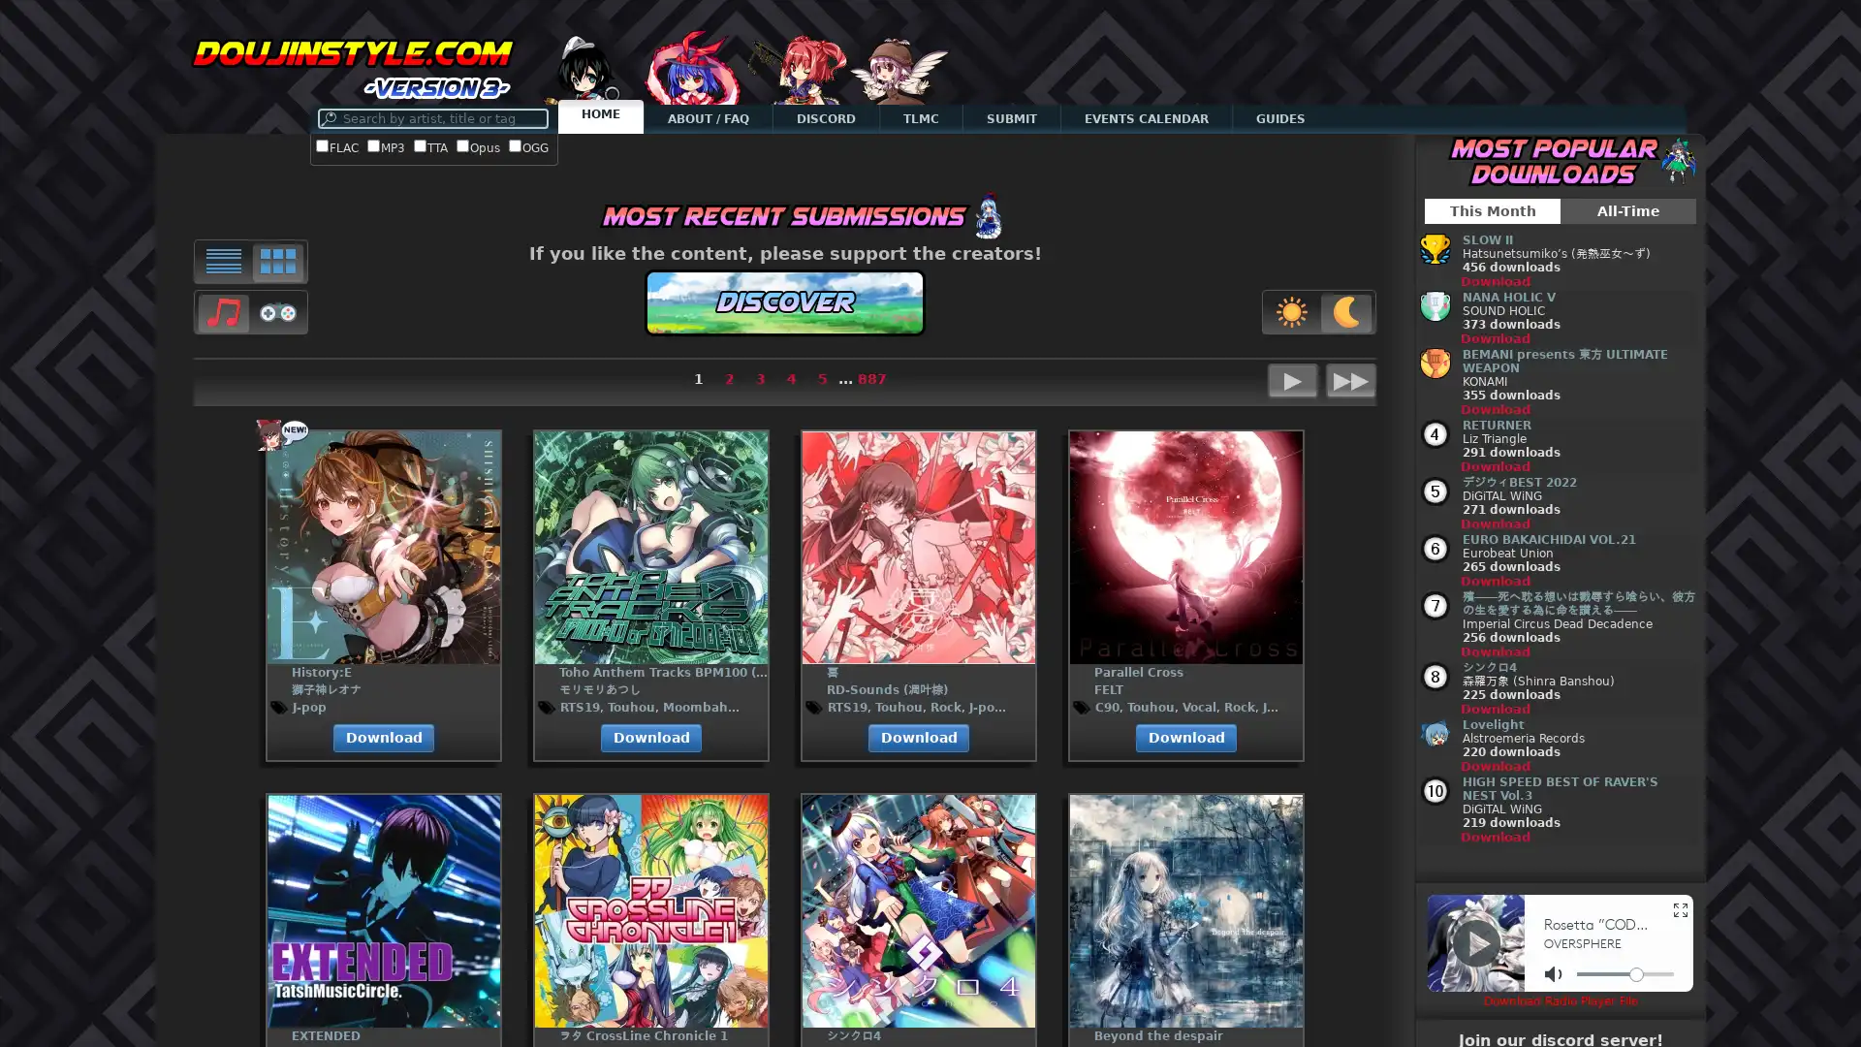  I want to click on Download, so click(1494, 709).